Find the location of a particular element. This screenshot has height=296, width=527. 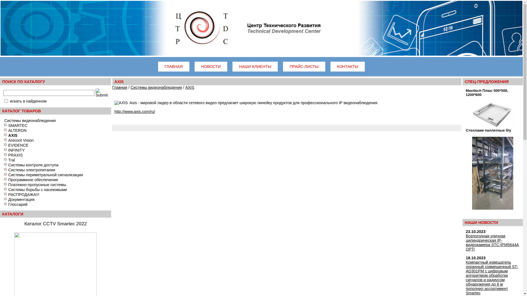

'Tral' is located at coordinates (8, 160).